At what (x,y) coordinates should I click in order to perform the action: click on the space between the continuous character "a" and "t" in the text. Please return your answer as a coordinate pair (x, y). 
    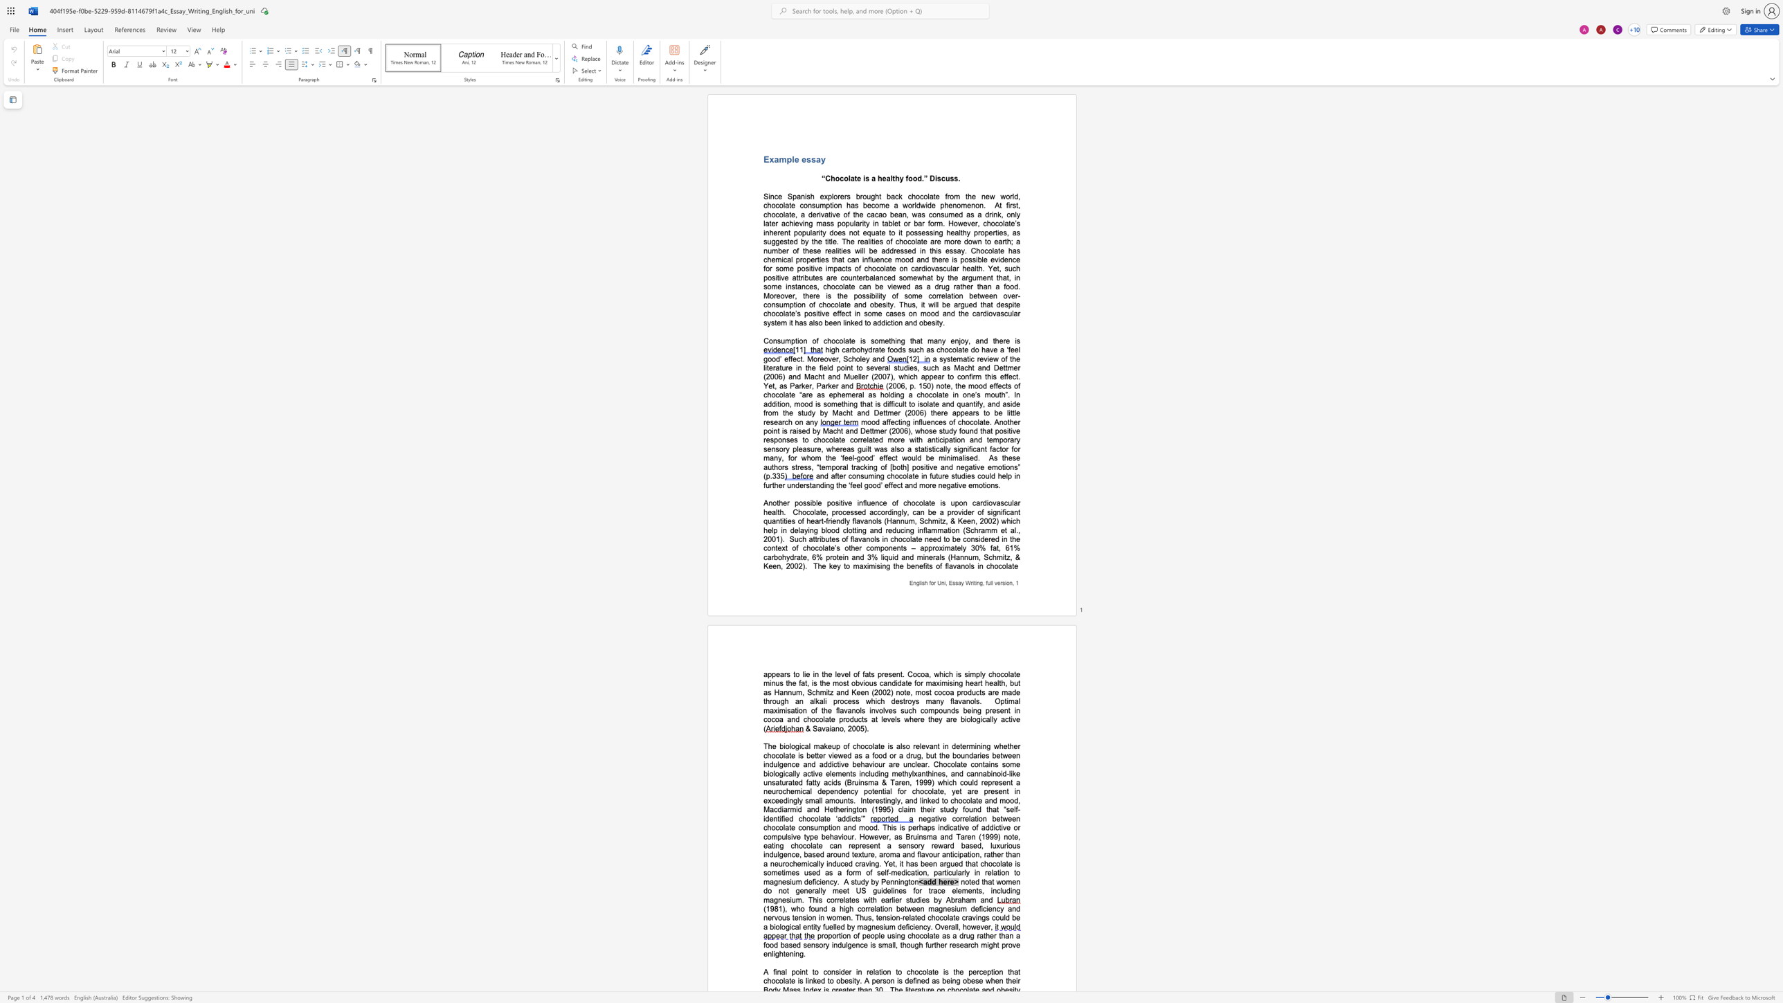
    Looking at the image, I should click on (854, 179).